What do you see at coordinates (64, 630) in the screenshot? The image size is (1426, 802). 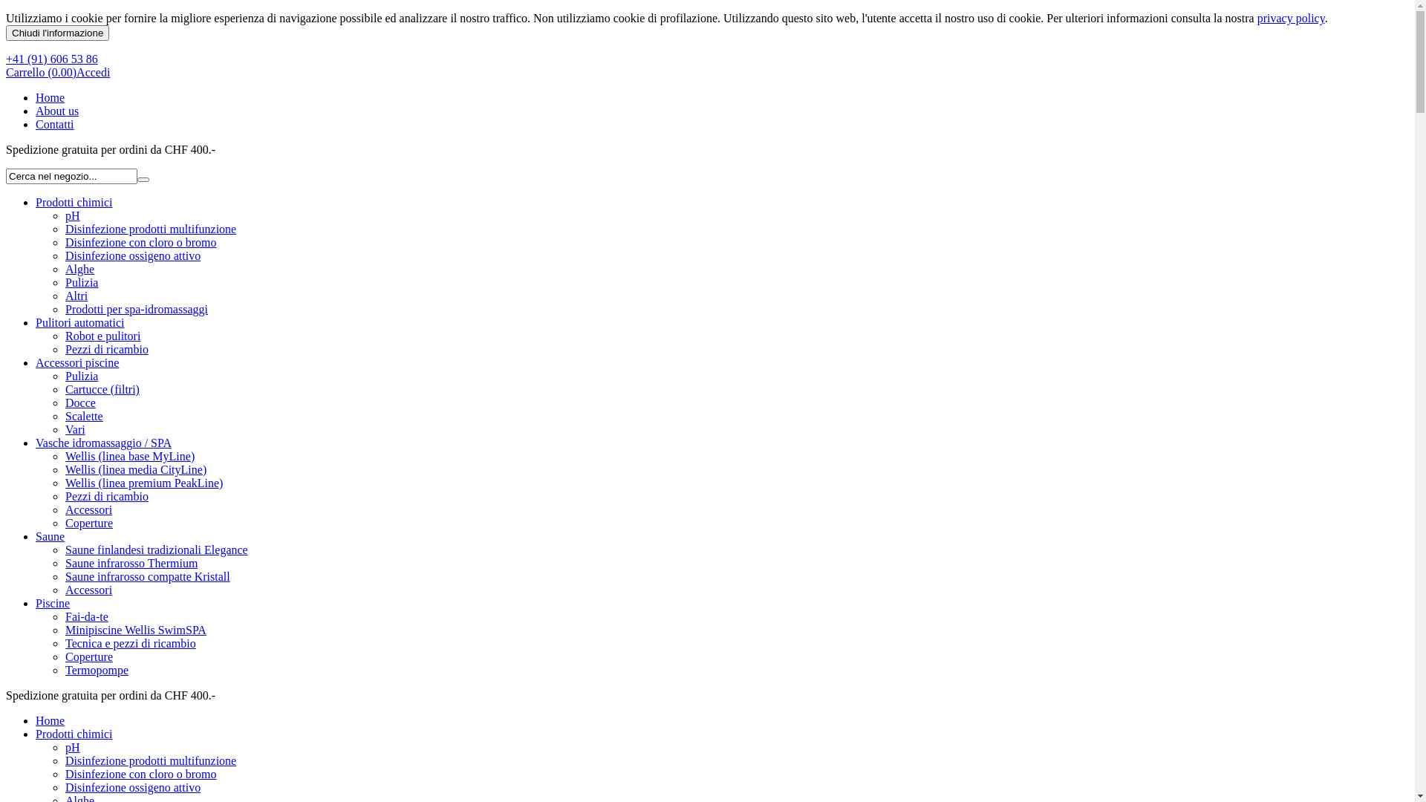 I see `'Minipiscine Wellis SwimSPA'` at bounding box center [64, 630].